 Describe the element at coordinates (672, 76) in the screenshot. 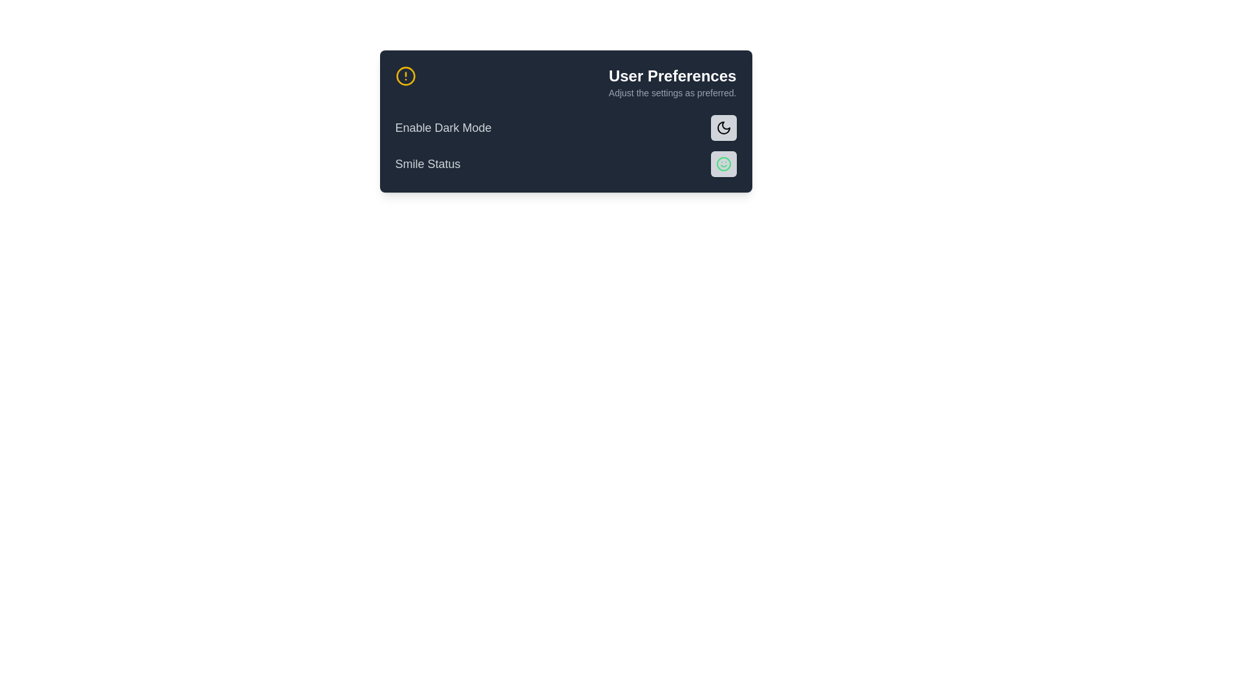

I see `the text label that serves as a title or header for the settings interface, located at the top right section of the rectangular panel` at that location.